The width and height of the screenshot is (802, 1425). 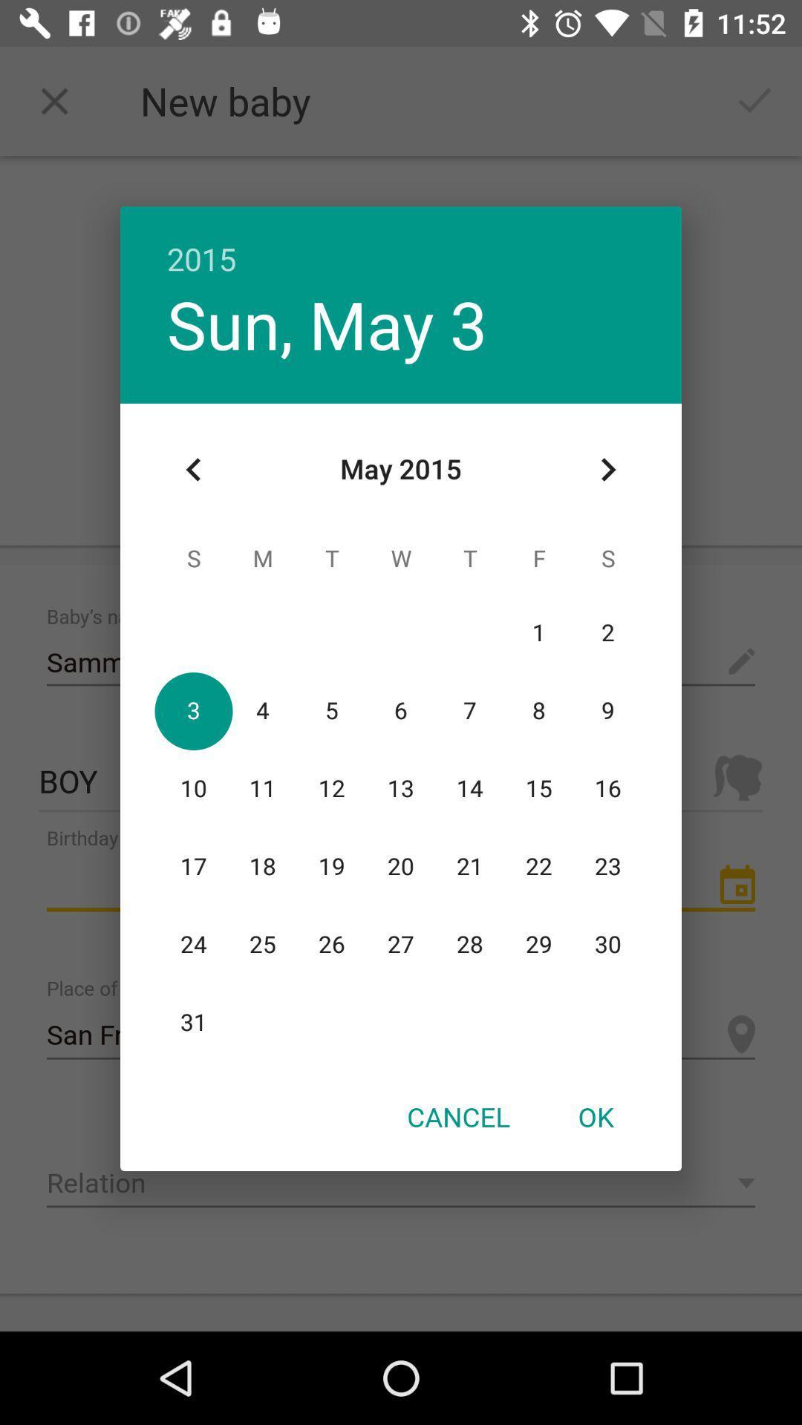 What do you see at coordinates (457, 1116) in the screenshot?
I see `the cancel icon` at bounding box center [457, 1116].